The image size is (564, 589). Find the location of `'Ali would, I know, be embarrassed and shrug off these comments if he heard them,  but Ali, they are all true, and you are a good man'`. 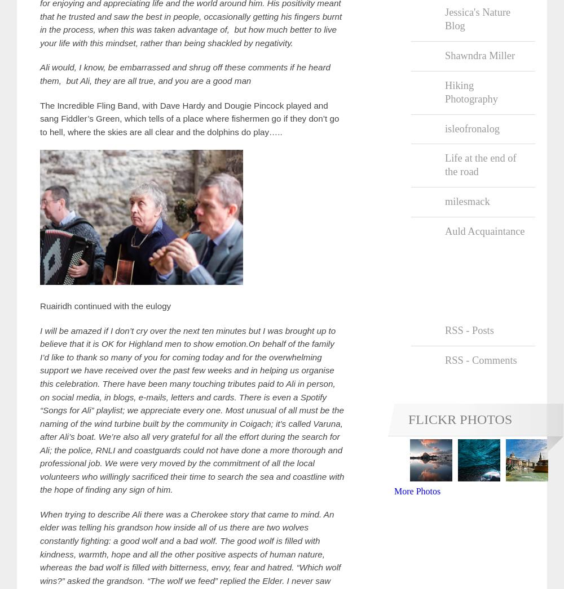

'Ali would, I know, be embarrassed and shrug off these comments if he heard them,  but Ali, they are all true, and you are a good man' is located at coordinates (184, 73).